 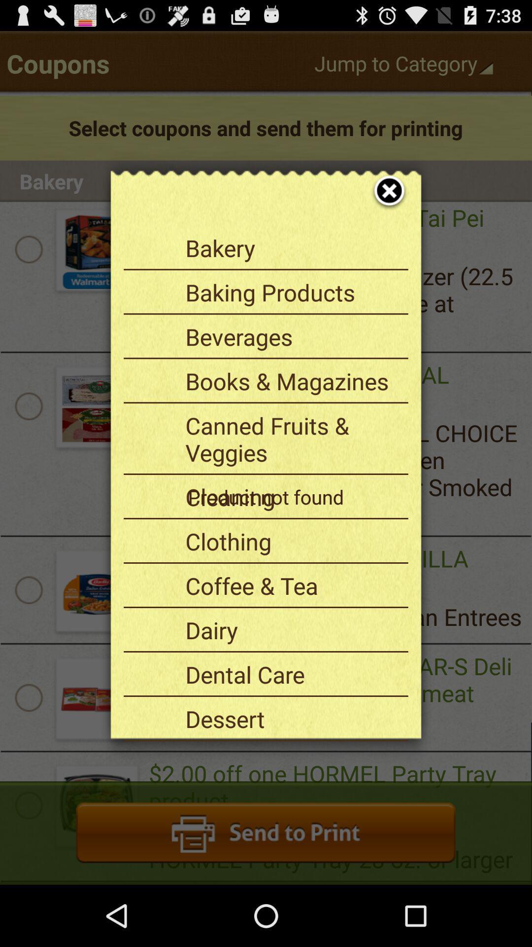 I want to click on the app below baking products item, so click(x=293, y=336).